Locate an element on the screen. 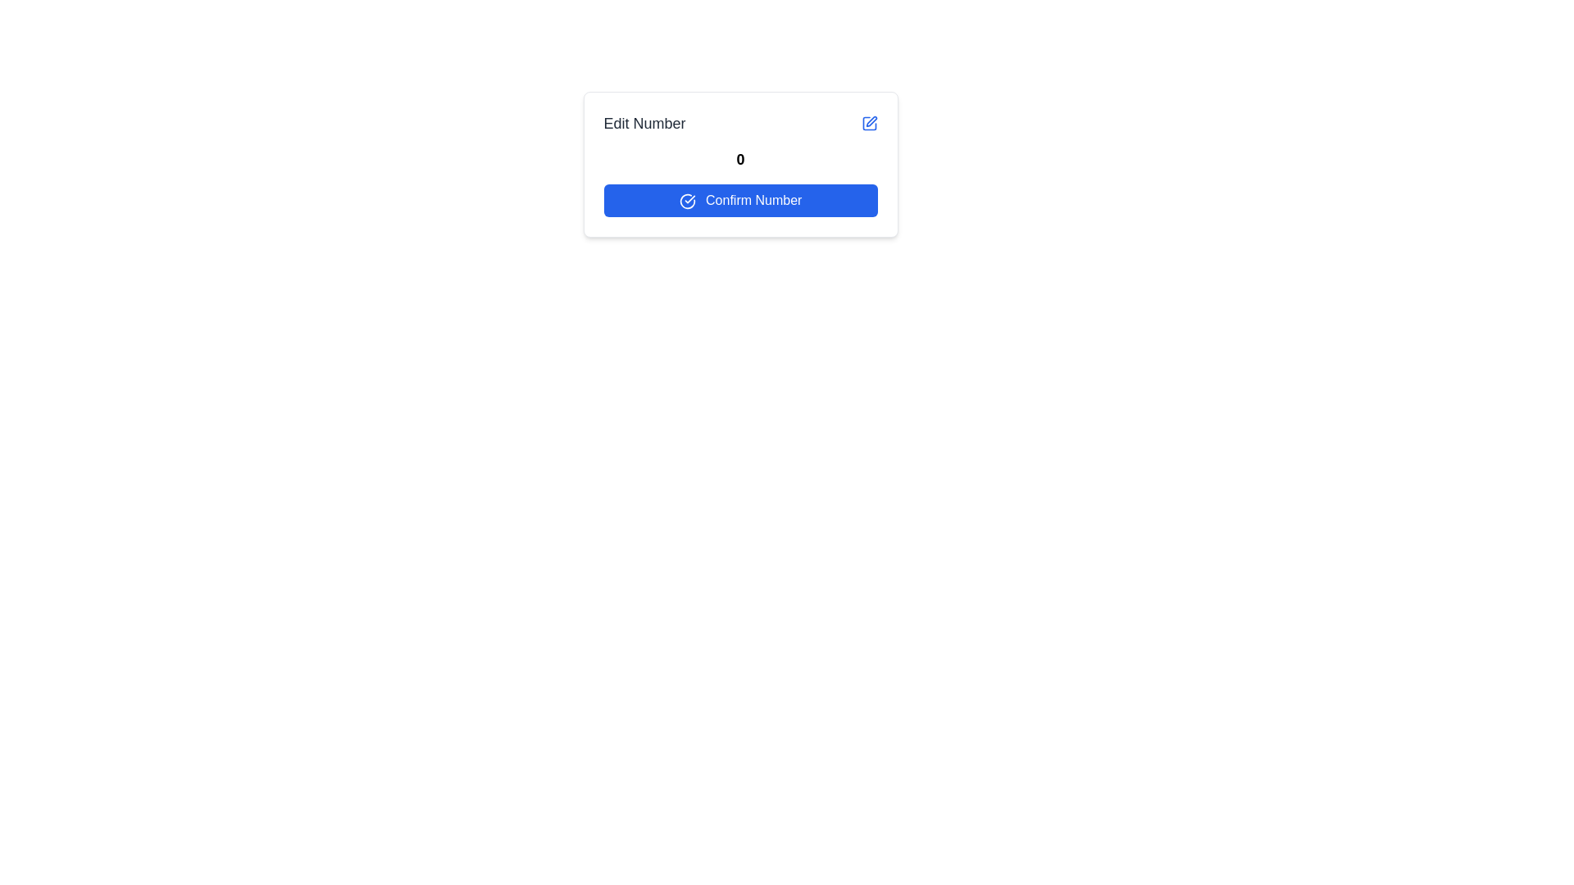 This screenshot has width=1574, height=885. the edit or modify icon located in the upper-right corner of the rectangular card containing text and a button is located at coordinates (868, 122).